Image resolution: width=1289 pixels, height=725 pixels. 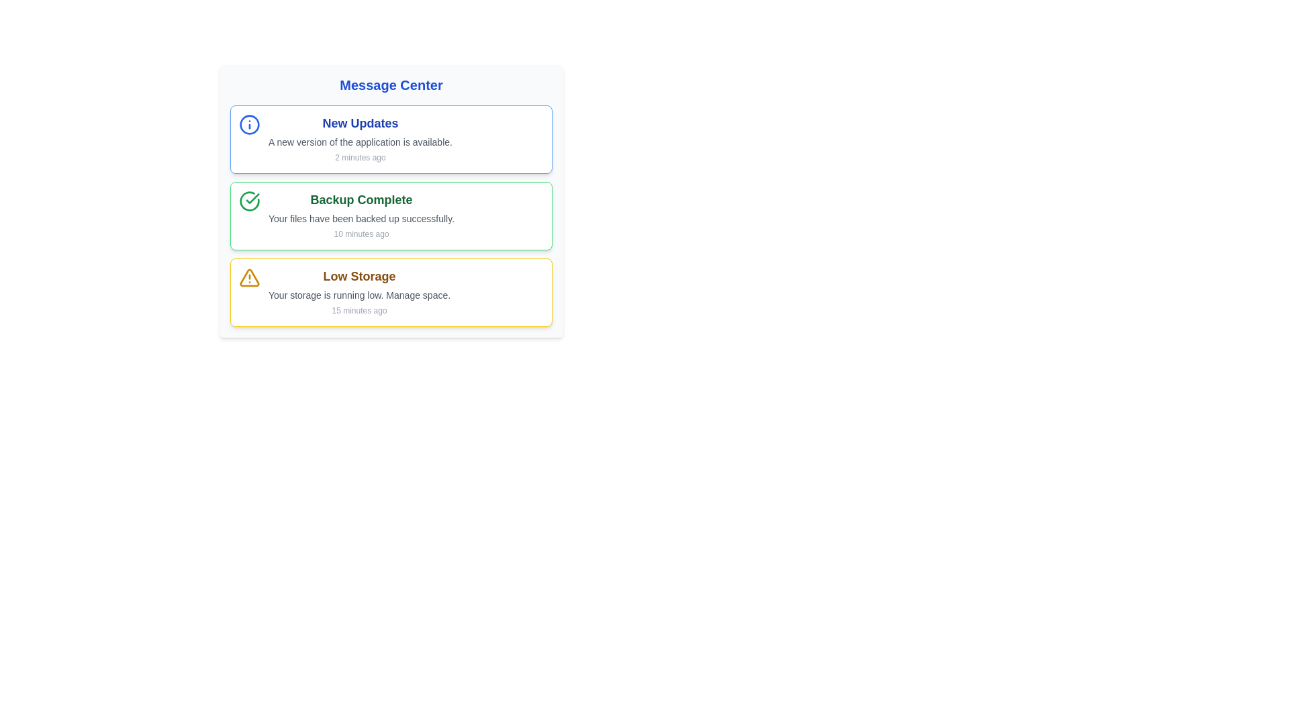 I want to click on the informational label displaying '10 minutes ago' in light gray text, located in the bottom-right corner of the 'Backup Complete' notification box, so click(x=361, y=233).